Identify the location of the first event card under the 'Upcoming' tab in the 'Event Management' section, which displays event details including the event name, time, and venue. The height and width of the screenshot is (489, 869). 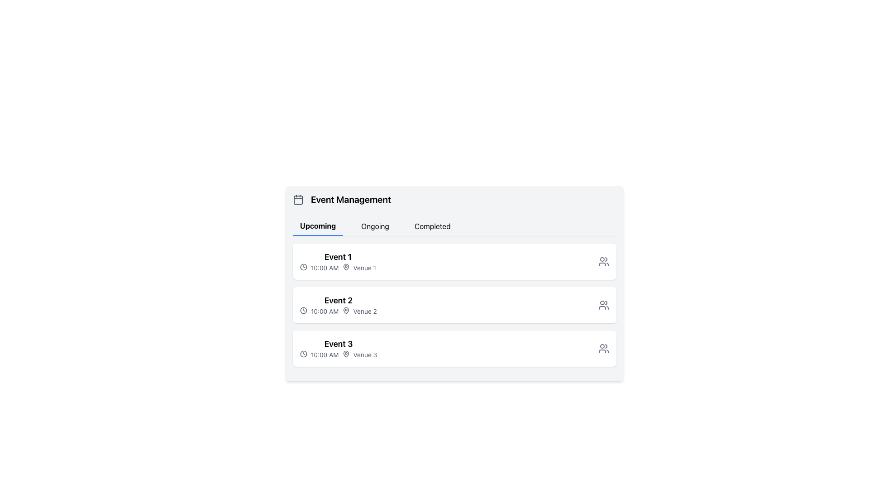
(454, 262).